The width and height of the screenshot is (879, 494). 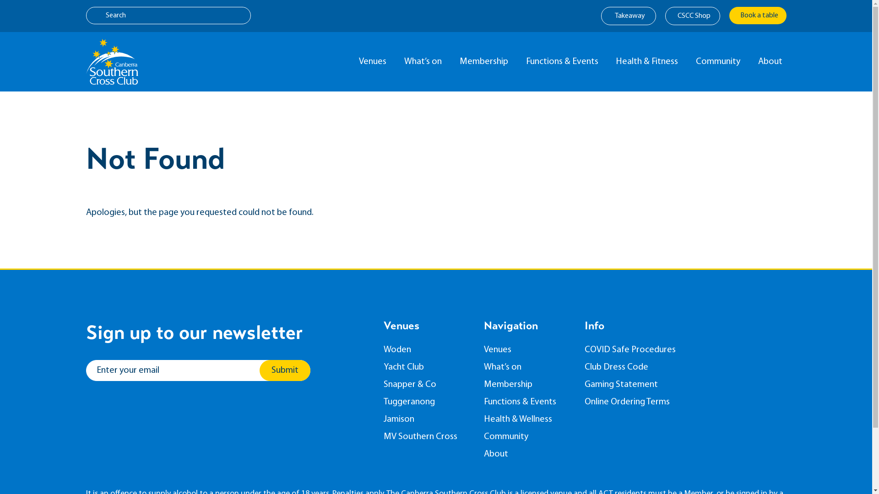 What do you see at coordinates (584, 402) in the screenshot?
I see `'Online Ordering Terms'` at bounding box center [584, 402].